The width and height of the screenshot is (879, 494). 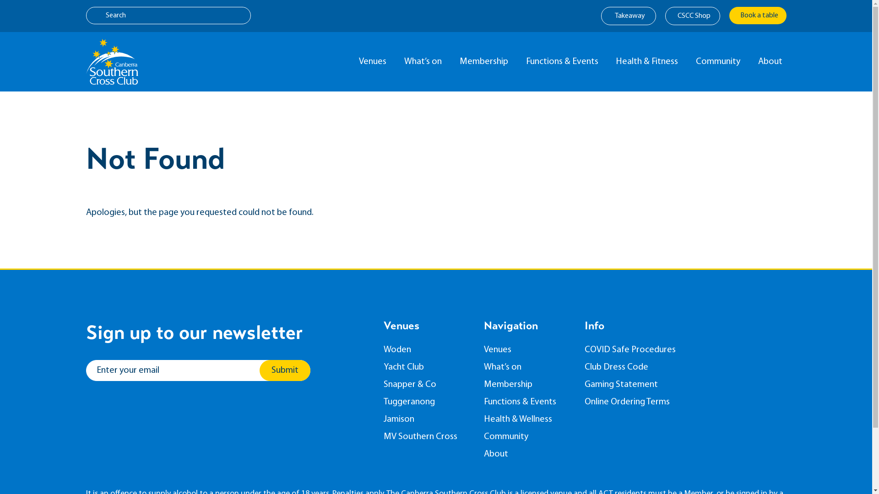 What do you see at coordinates (584, 402) in the screenshot?
I see `'Online Ordering Terms'` at bounding box center [584, 402].